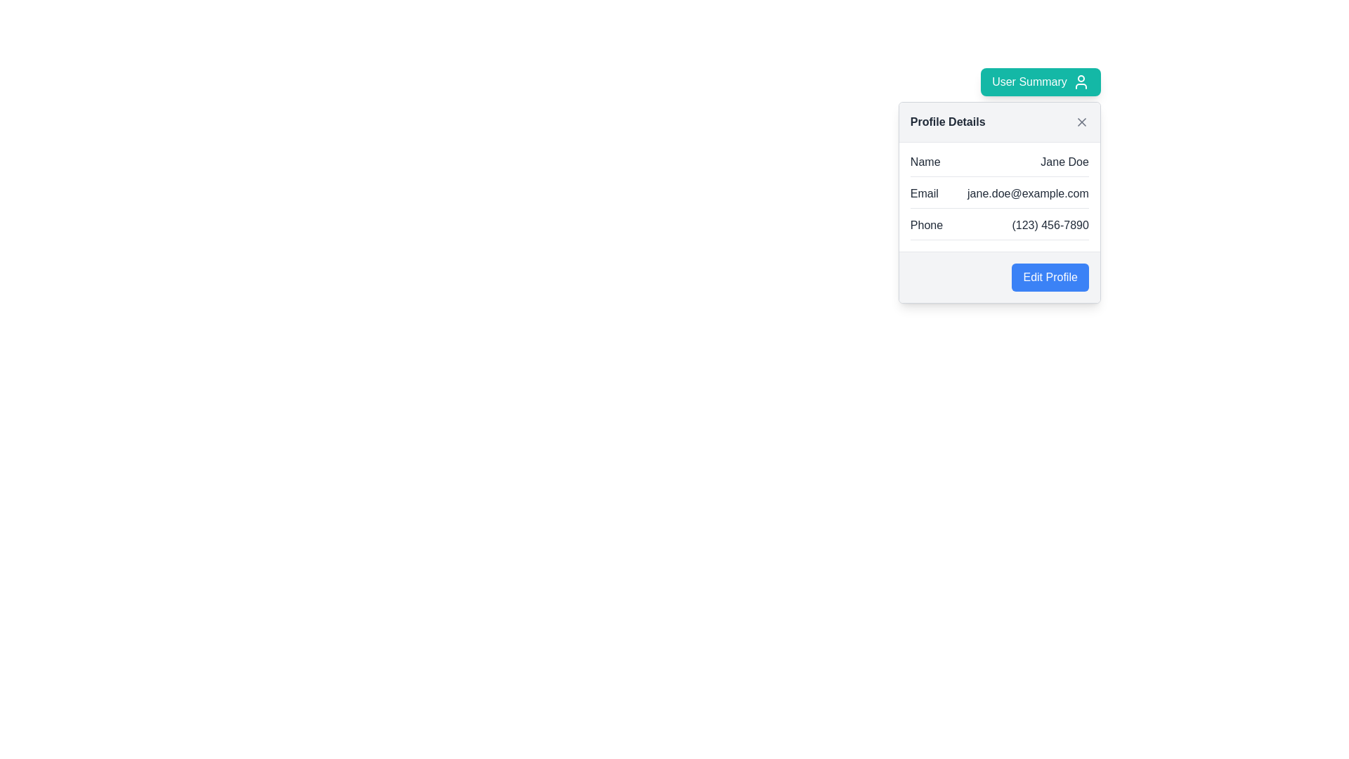  What do you see at coordinates (1050, 277) in the screenshot?
I see `the 'Edit Profile' button with a blue background and white text to activate its hover effect` at bounding box center [1050, 277].